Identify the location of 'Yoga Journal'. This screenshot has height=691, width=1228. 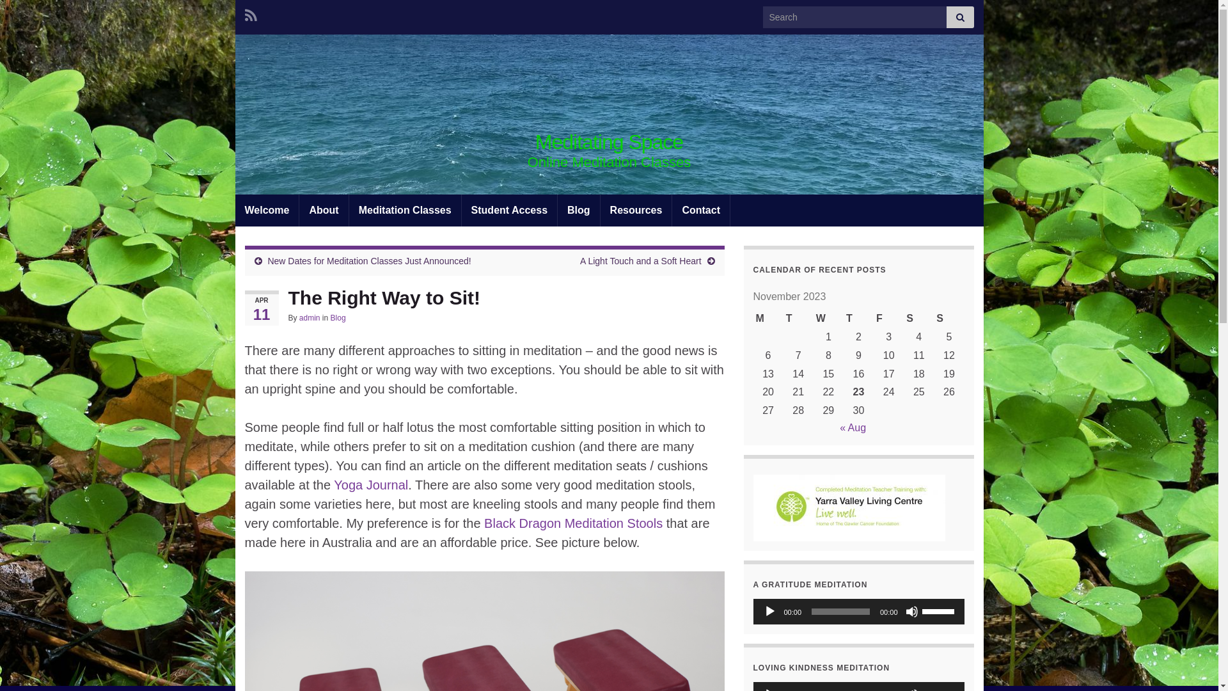
(370, 485).